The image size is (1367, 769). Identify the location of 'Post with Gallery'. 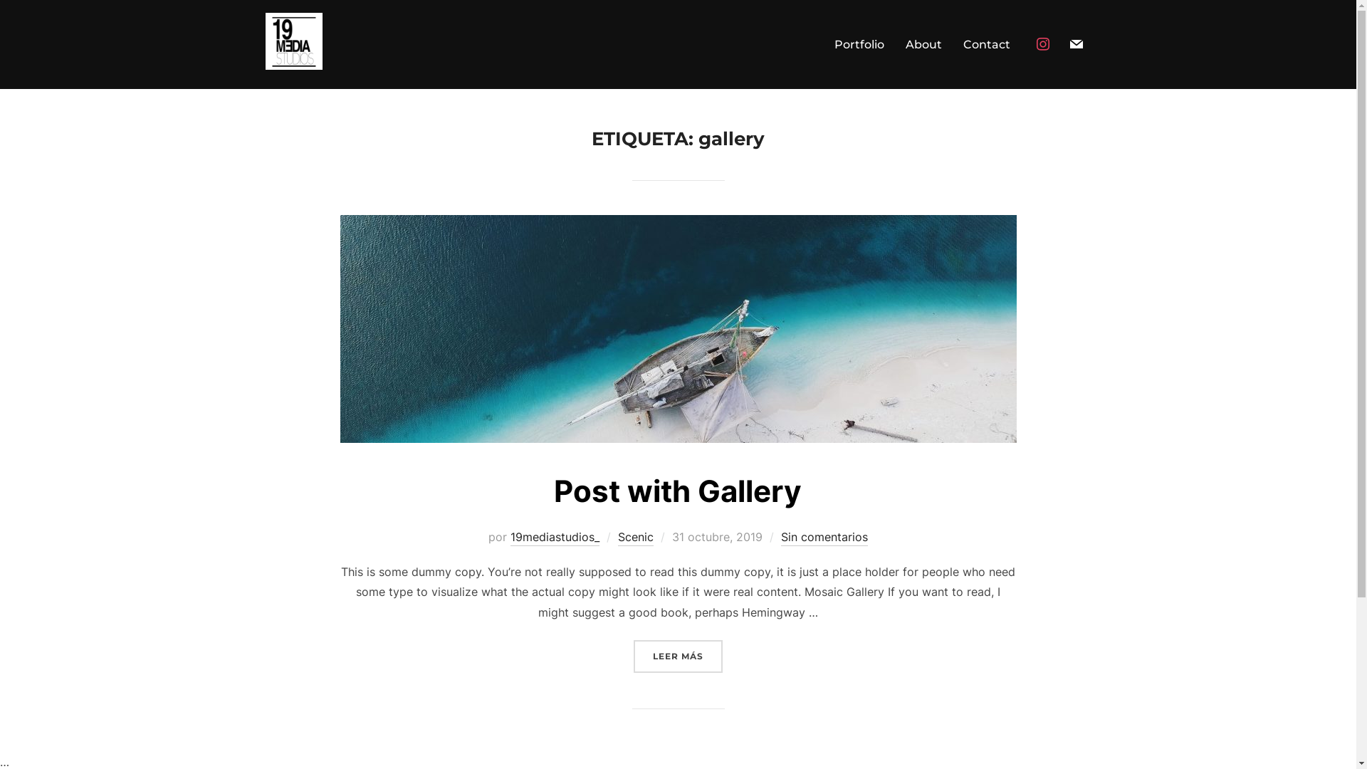
(676, 490).